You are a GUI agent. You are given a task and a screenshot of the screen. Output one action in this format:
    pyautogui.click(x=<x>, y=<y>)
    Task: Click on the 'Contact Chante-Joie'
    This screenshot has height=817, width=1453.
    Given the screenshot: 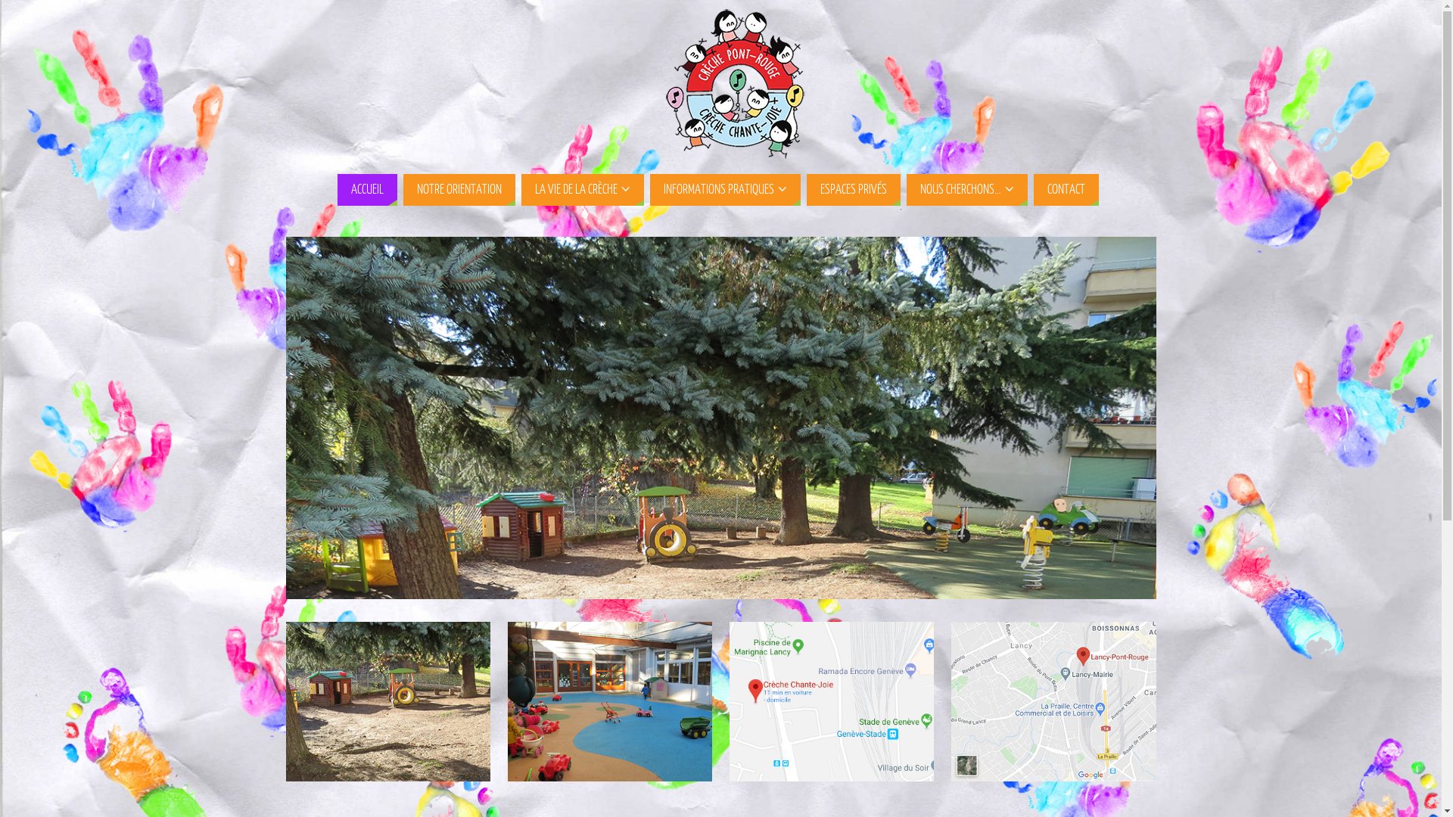 What is the action you would take?
    pyautogui.click(x=730, y=701)
    